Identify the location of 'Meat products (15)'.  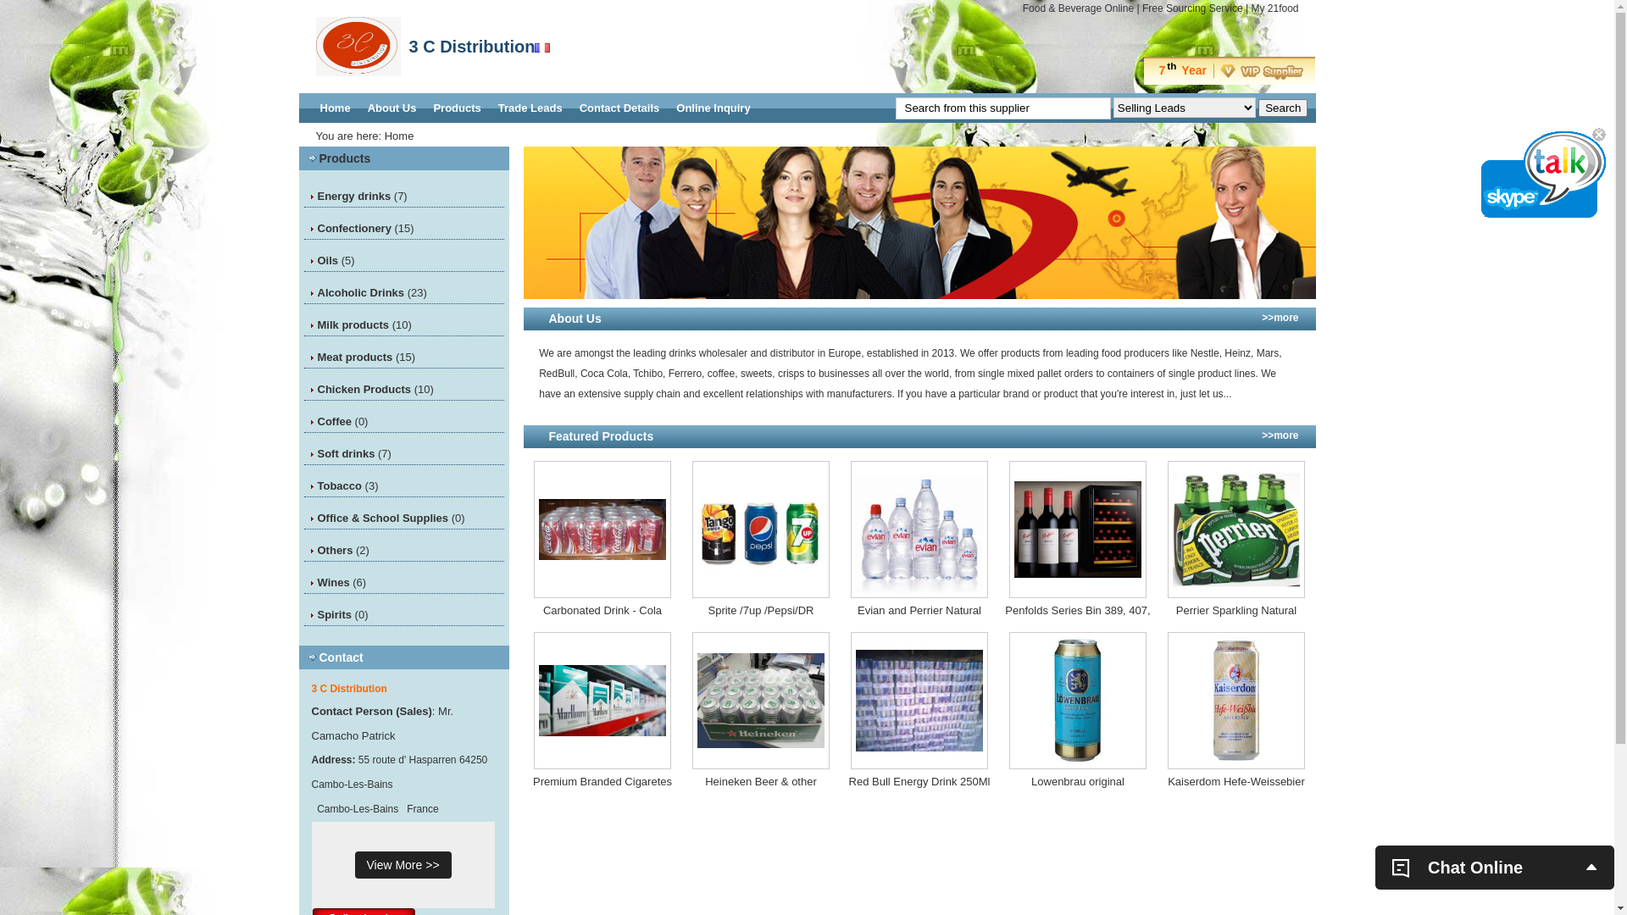
(365, 356).